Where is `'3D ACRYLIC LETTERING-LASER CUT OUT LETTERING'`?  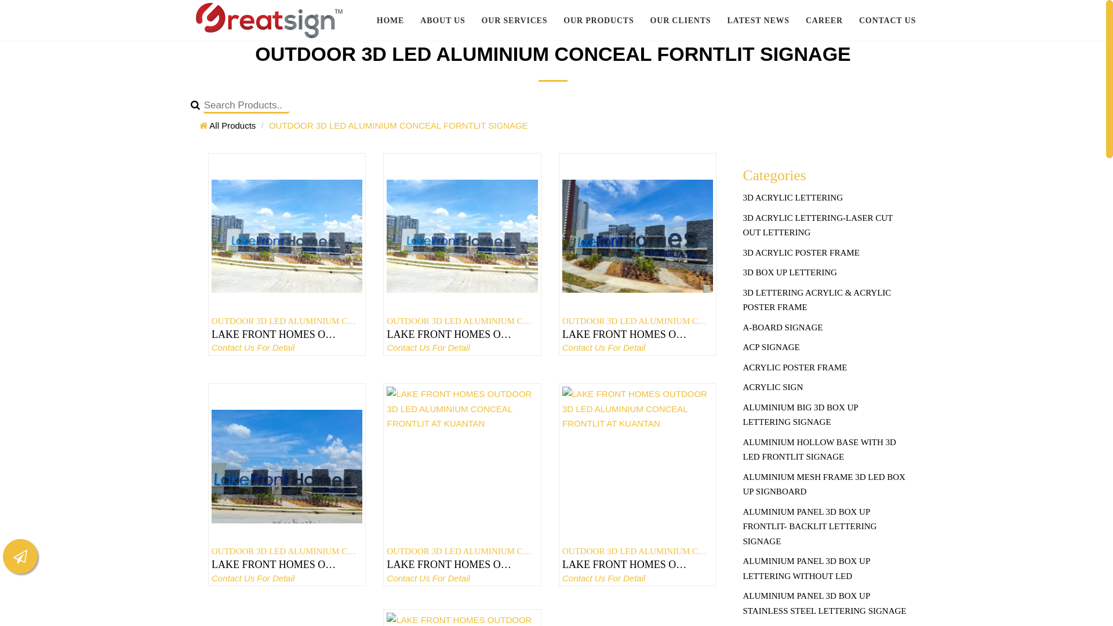 '3D ACRYLIC LETTERING-LASER CUT OUT LETTERING' is located at coordinates (824, 225).